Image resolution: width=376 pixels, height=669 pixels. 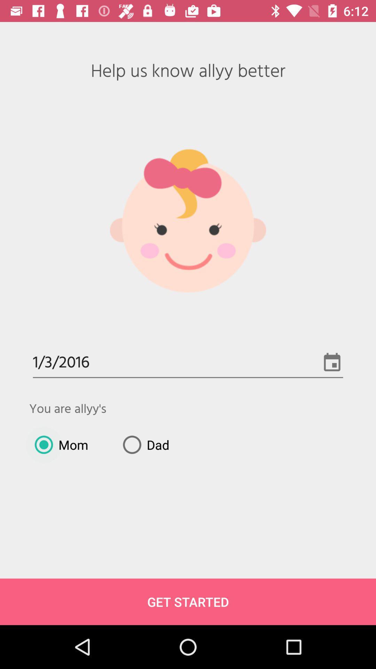 I want to click on the item above the you are allyy icon, so click(x=188, y=363).